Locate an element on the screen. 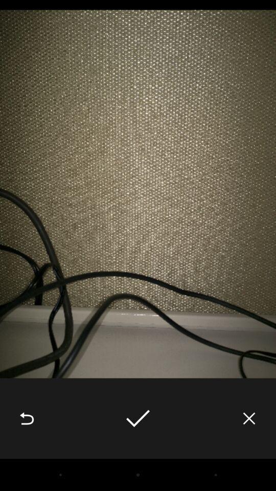 This screenshot has height=491, width=276. icon at the bottom left corner is located at coordinates (27, 418).